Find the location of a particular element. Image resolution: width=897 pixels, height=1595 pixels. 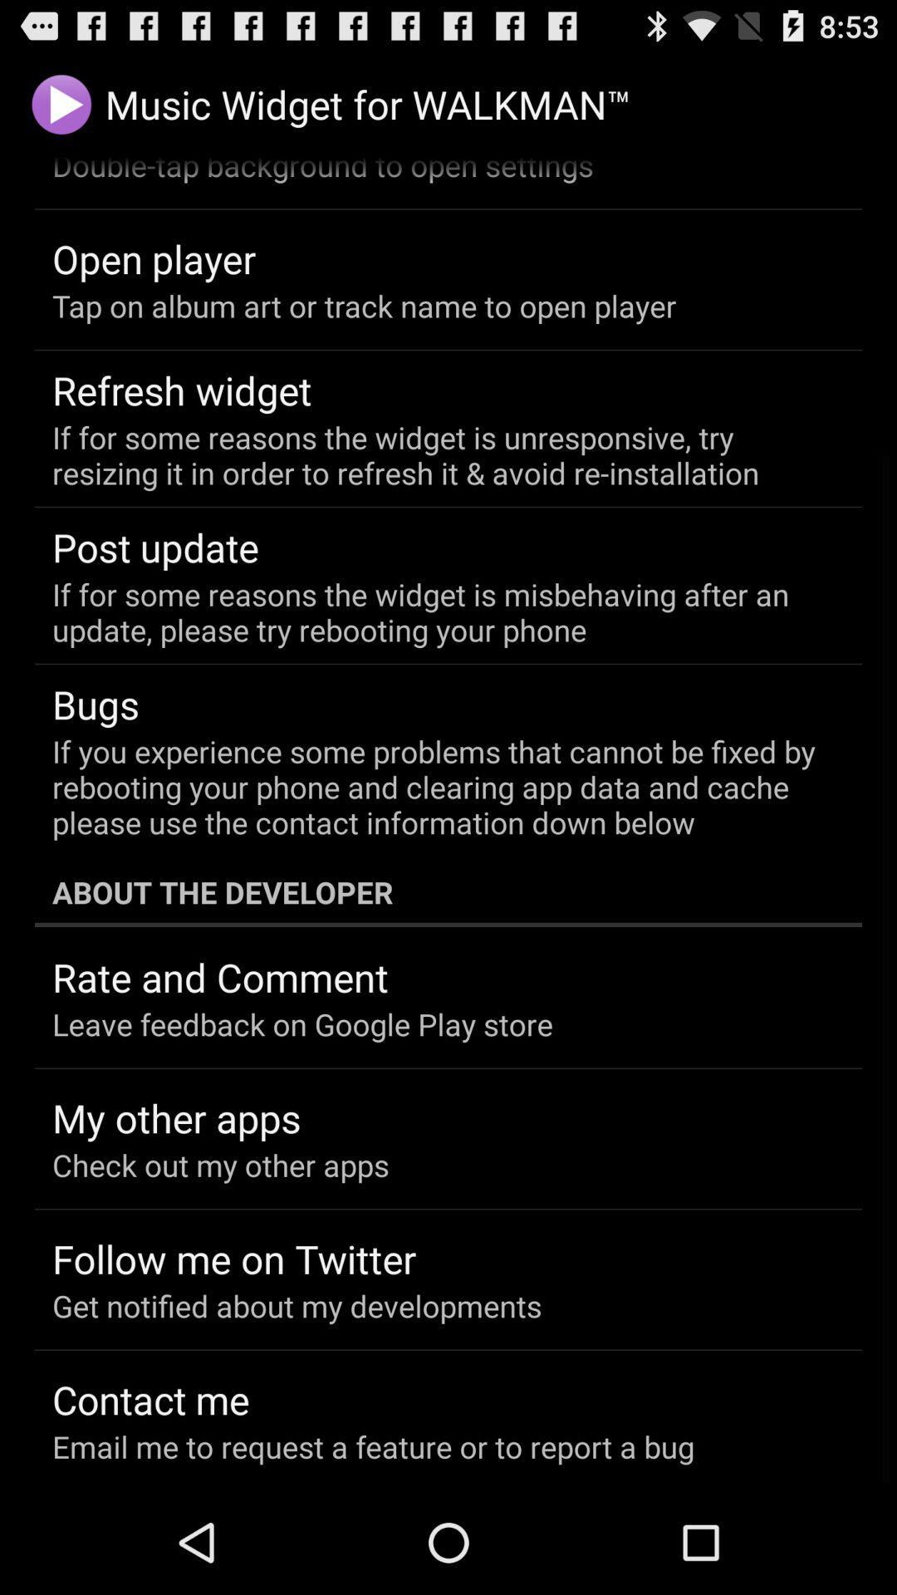

the app above the follow me on is located at coordinates (219, 1164).